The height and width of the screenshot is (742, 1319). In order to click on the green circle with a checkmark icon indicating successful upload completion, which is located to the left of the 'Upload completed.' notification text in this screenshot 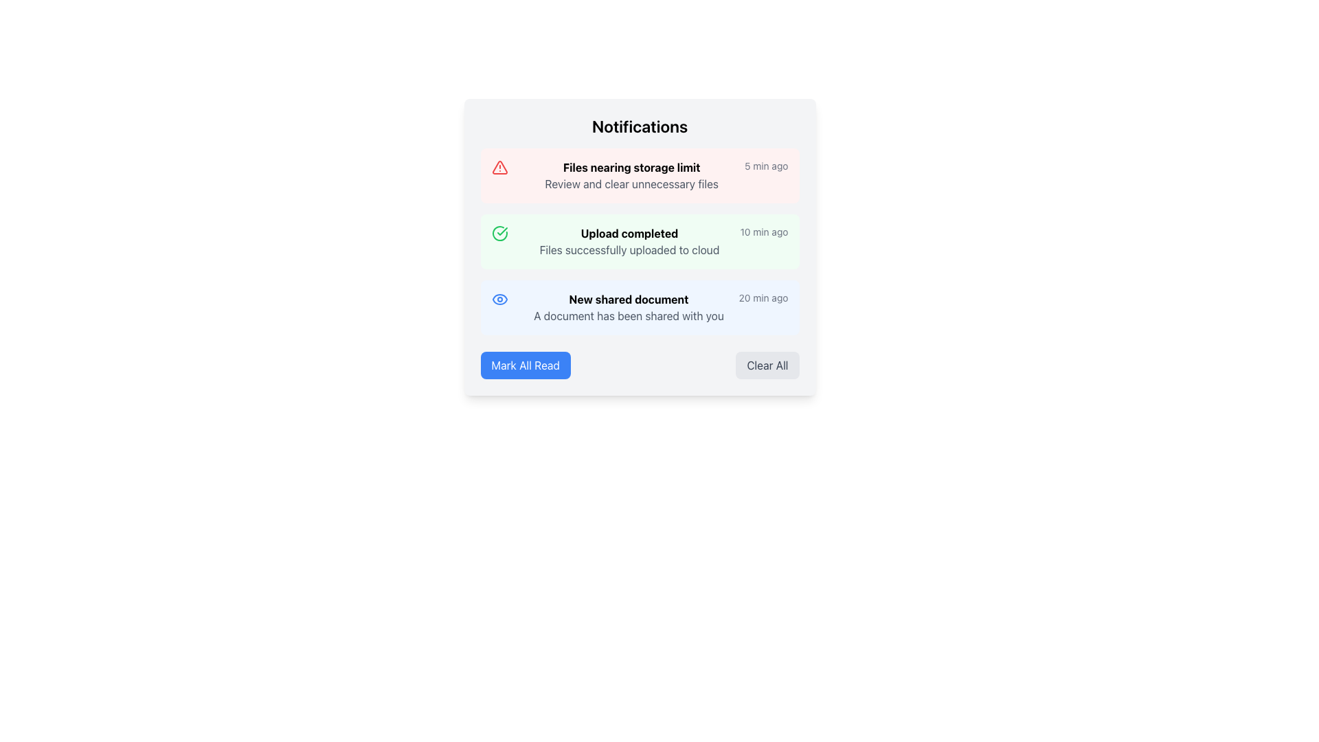, I will do `click(499, 232)`.